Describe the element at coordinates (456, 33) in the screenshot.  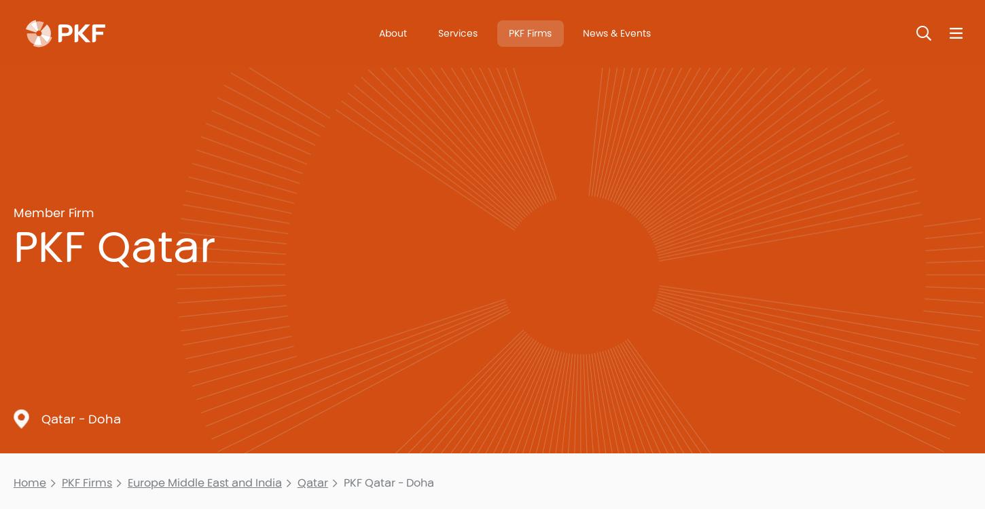
I see `'Services'` at that location.